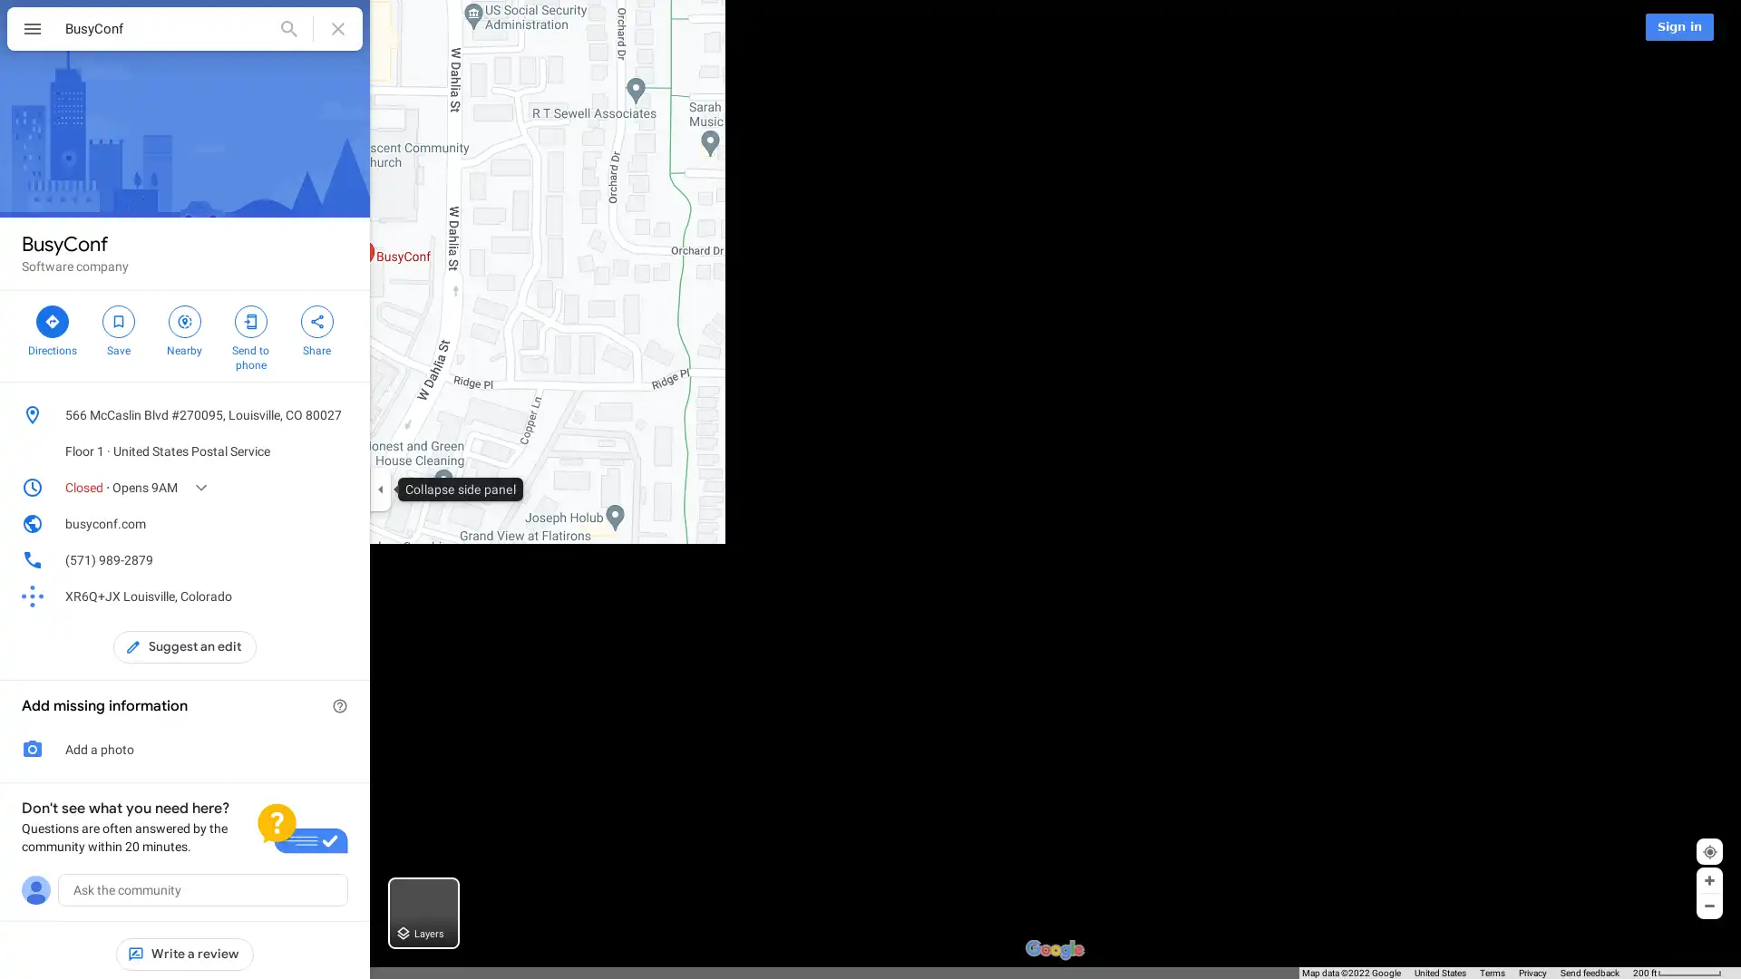  Describe the element at coordinates (338, 28) in the screenshot. I see `Clear search` at that location.